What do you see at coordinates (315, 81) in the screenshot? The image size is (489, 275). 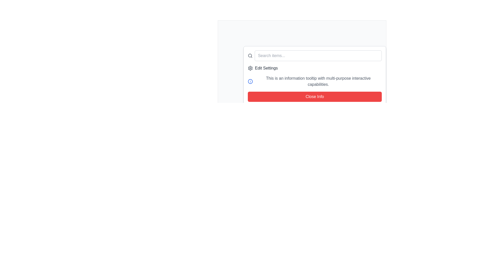 I see `the informational icon and descriptive text group styled with a blue icon and gray text, located below the 'Edit Settings' section and above the 'Close Info' button` at bounding box center [315, 81].